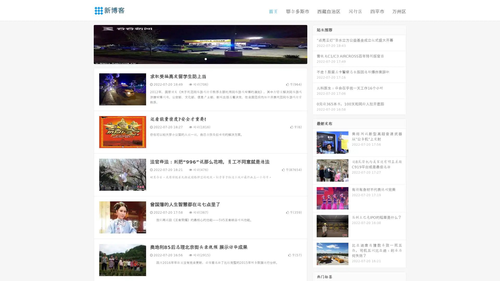 The height and width of the screenshot is (281, 500). What do you see at coordinates (195, 59) in the screenshot?
I see `Go to slide 1` at bounding box center [195, 59].